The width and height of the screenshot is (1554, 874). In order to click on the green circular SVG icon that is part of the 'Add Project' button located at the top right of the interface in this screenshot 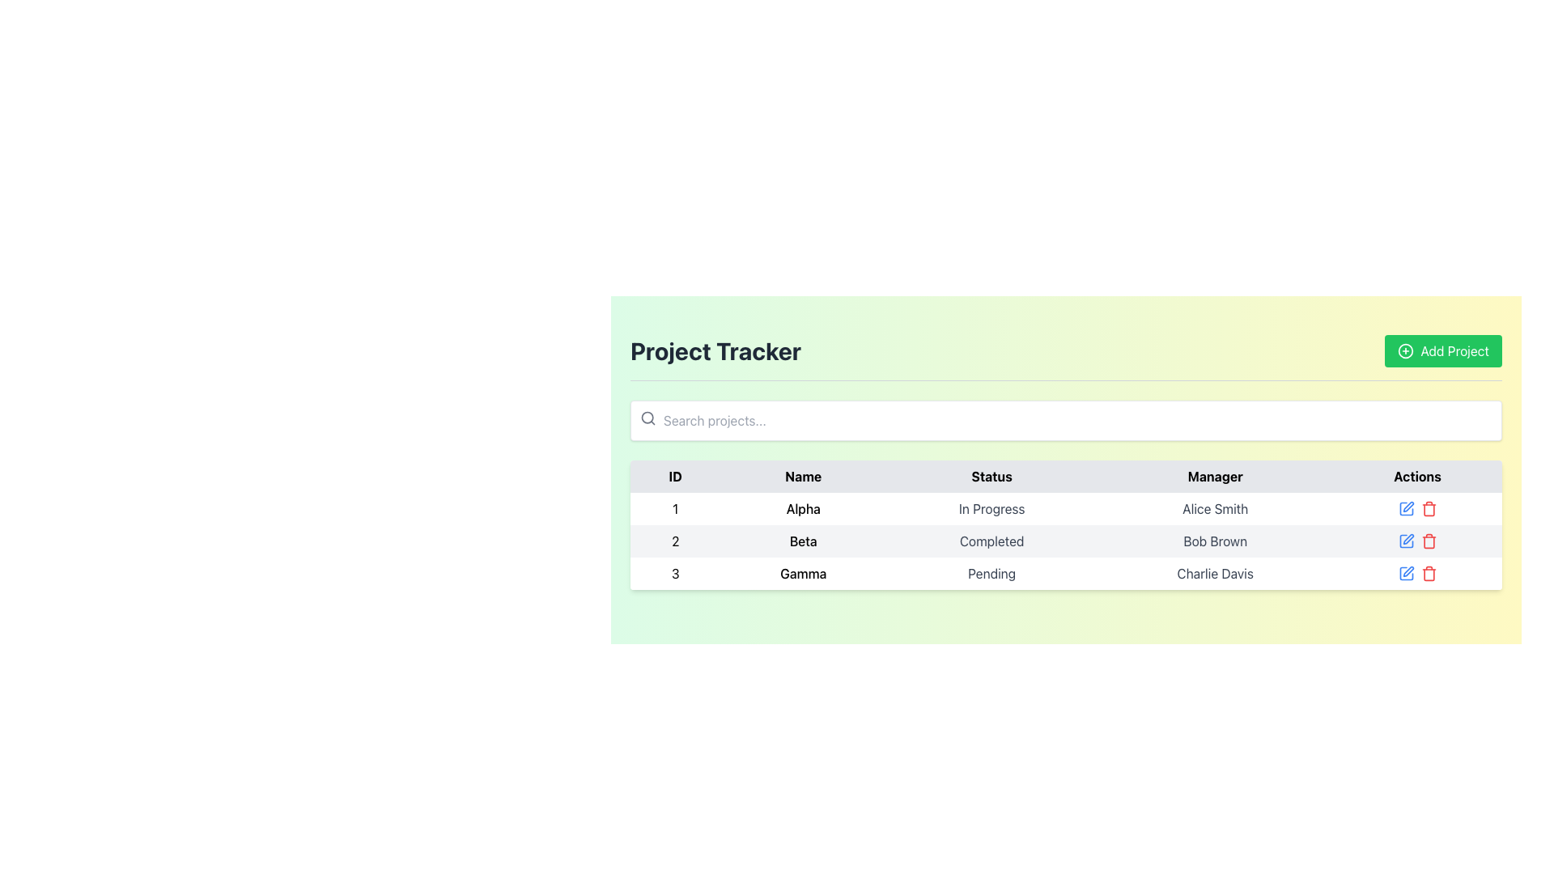, I will do `click(1405, 350)`.